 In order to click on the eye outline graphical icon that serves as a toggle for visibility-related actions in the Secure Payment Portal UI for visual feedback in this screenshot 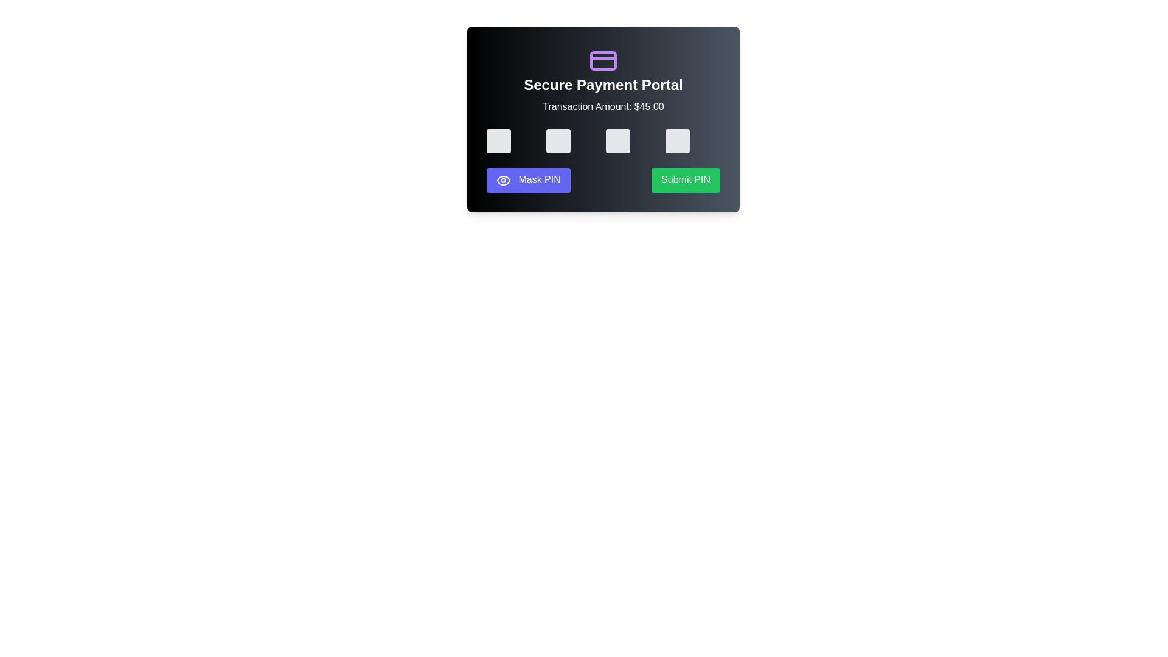, I will do `click(504, 180)`.